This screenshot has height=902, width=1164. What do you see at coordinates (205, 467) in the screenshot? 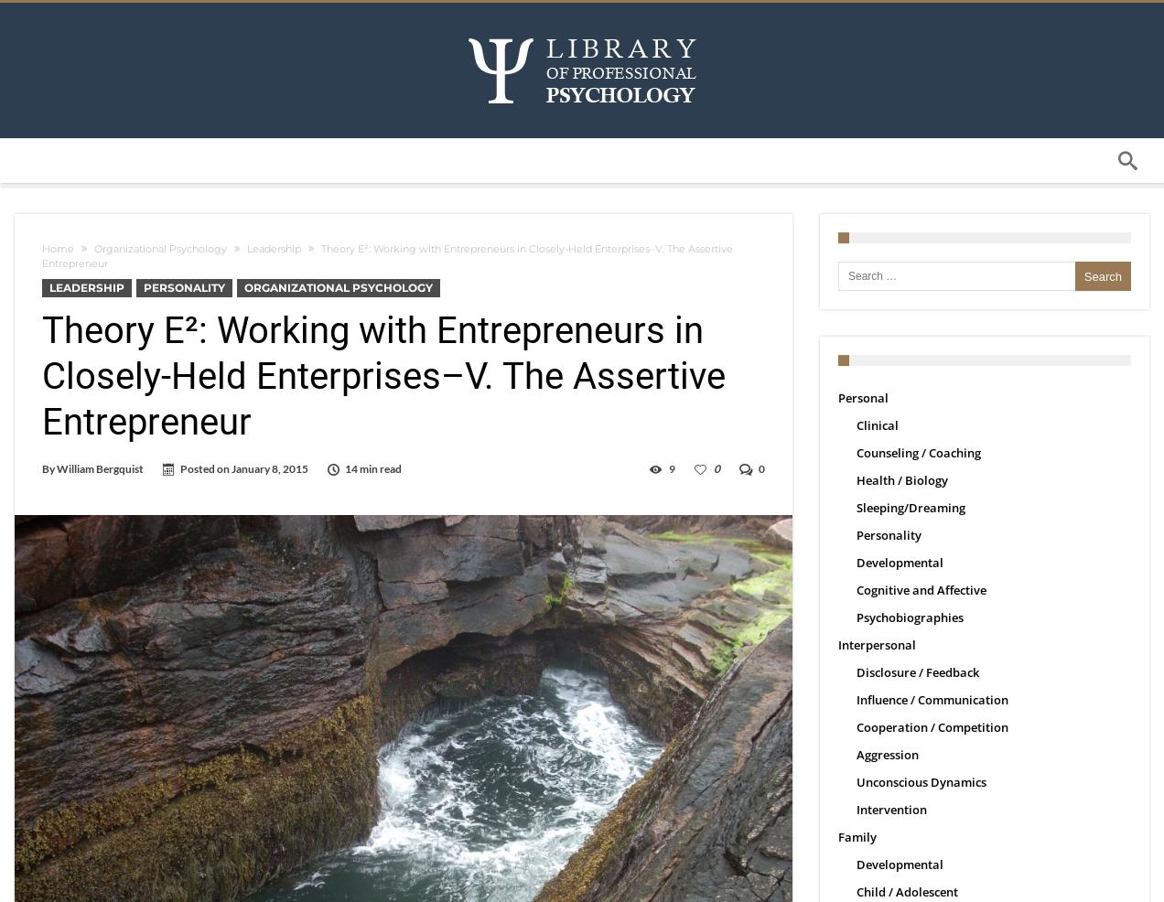
I see `'Posted on'` at bounding box center [205, 467].